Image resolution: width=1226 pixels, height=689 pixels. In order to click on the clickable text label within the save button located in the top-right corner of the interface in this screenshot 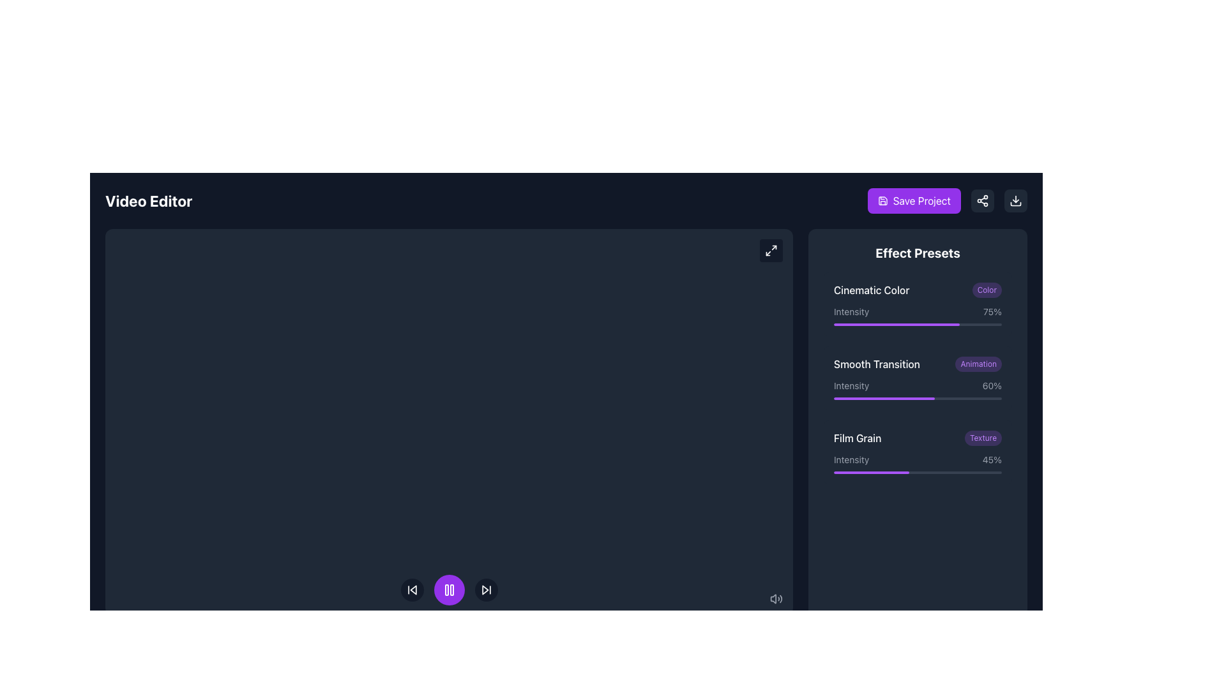, I will do `click(921, 201)`.